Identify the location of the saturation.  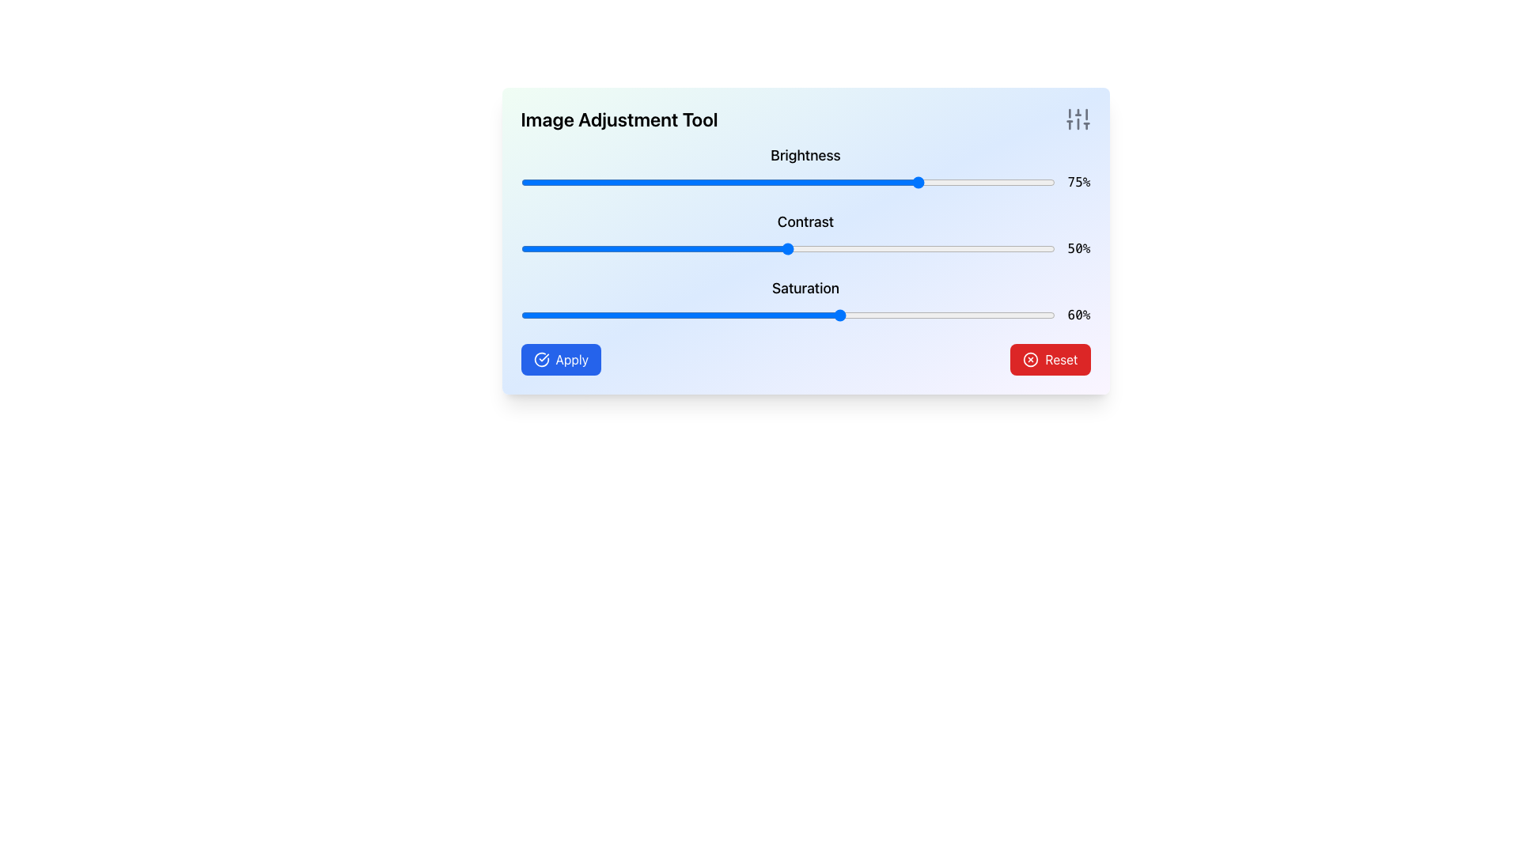
(963, 315).